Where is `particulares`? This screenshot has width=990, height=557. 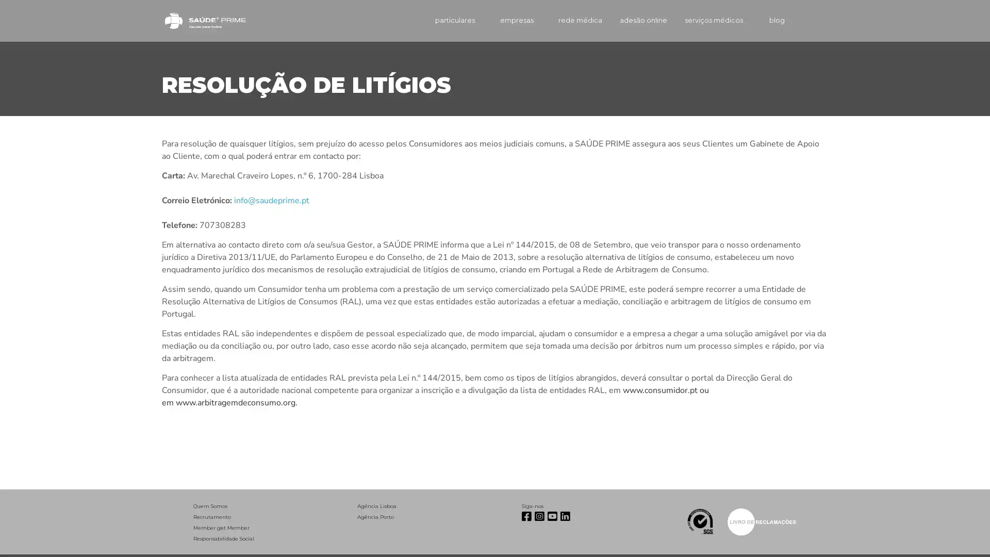
particulares is located at coordinates (438, 20).